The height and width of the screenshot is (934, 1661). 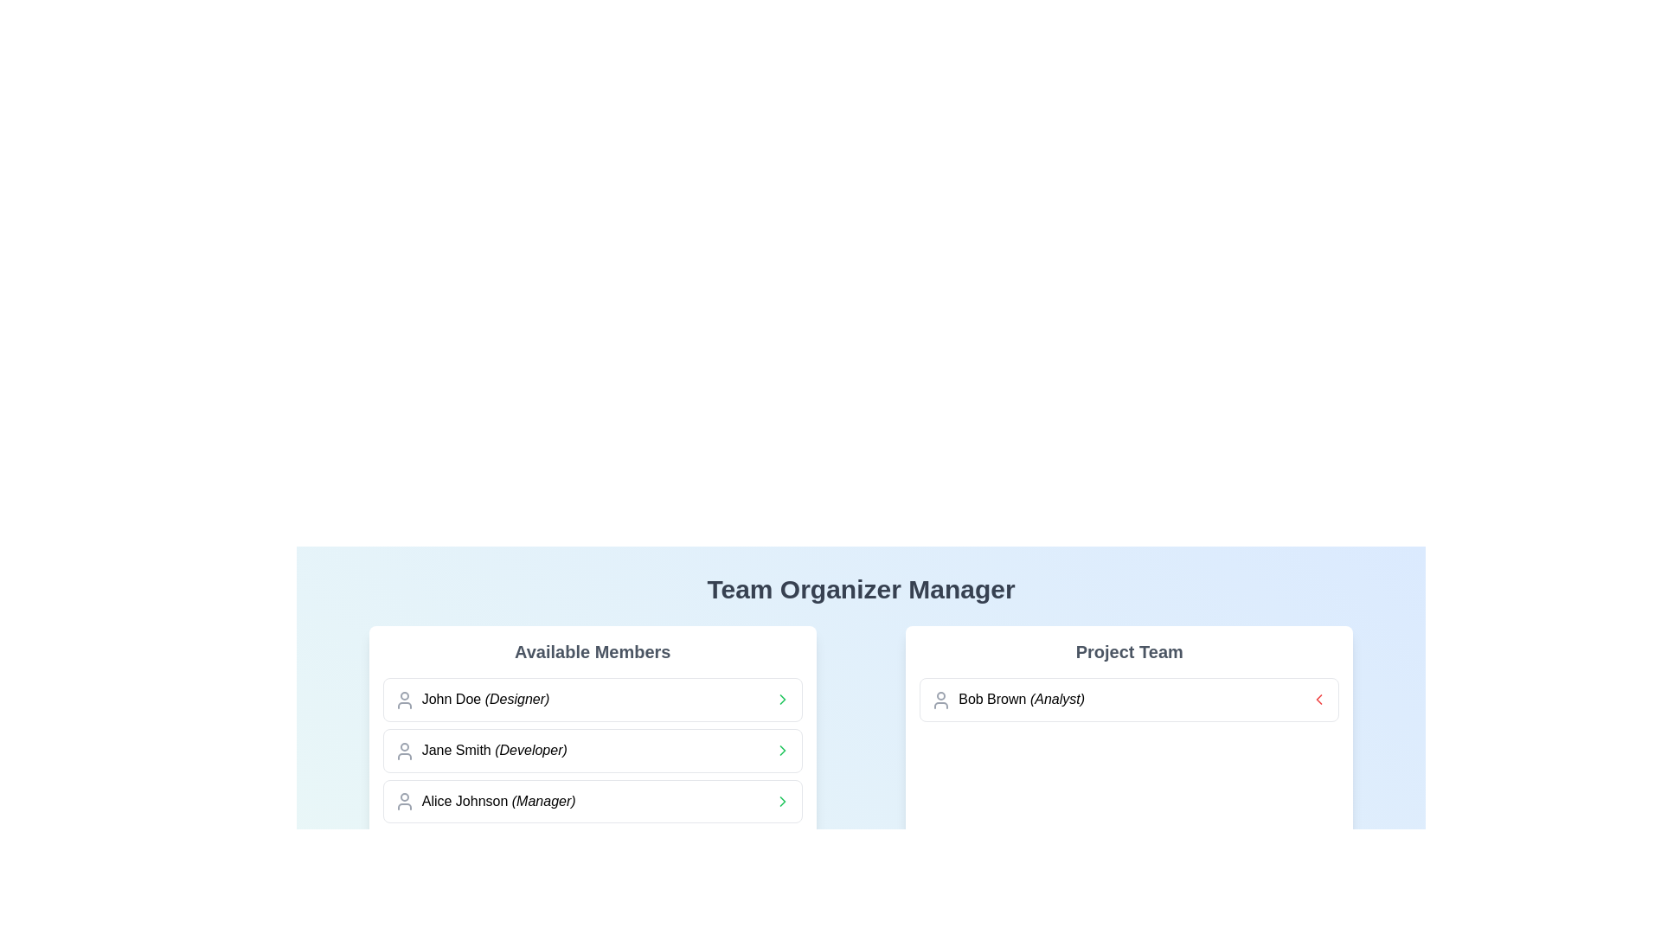 What do you see at coordinates (471, 699) in the screenshot?
I see `the profile list item for 'John Doe', who is a 'Designer', located in the 'Available Members' section` at bounding box center [471, 699].